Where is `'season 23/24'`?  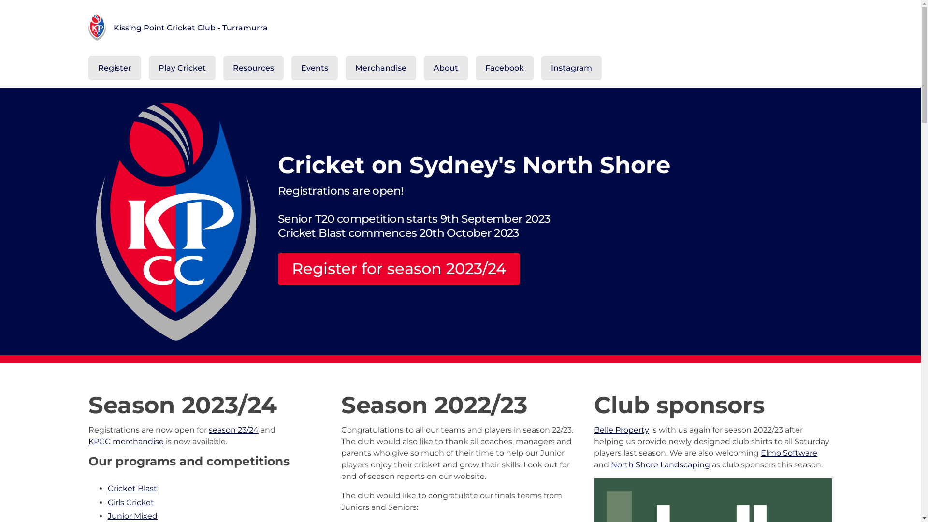
'season 23/24' is located at coordinates (233, 429).